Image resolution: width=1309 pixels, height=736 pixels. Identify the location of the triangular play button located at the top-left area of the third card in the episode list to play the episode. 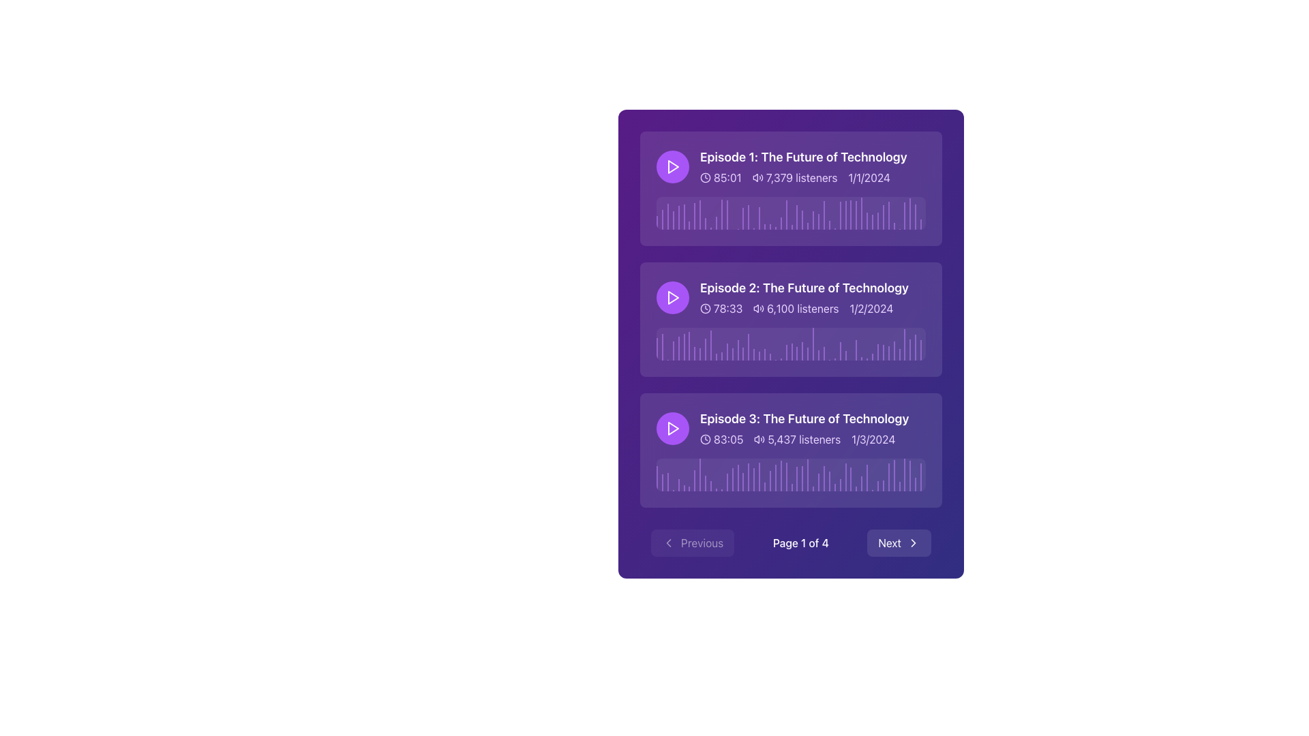
(674, 427).